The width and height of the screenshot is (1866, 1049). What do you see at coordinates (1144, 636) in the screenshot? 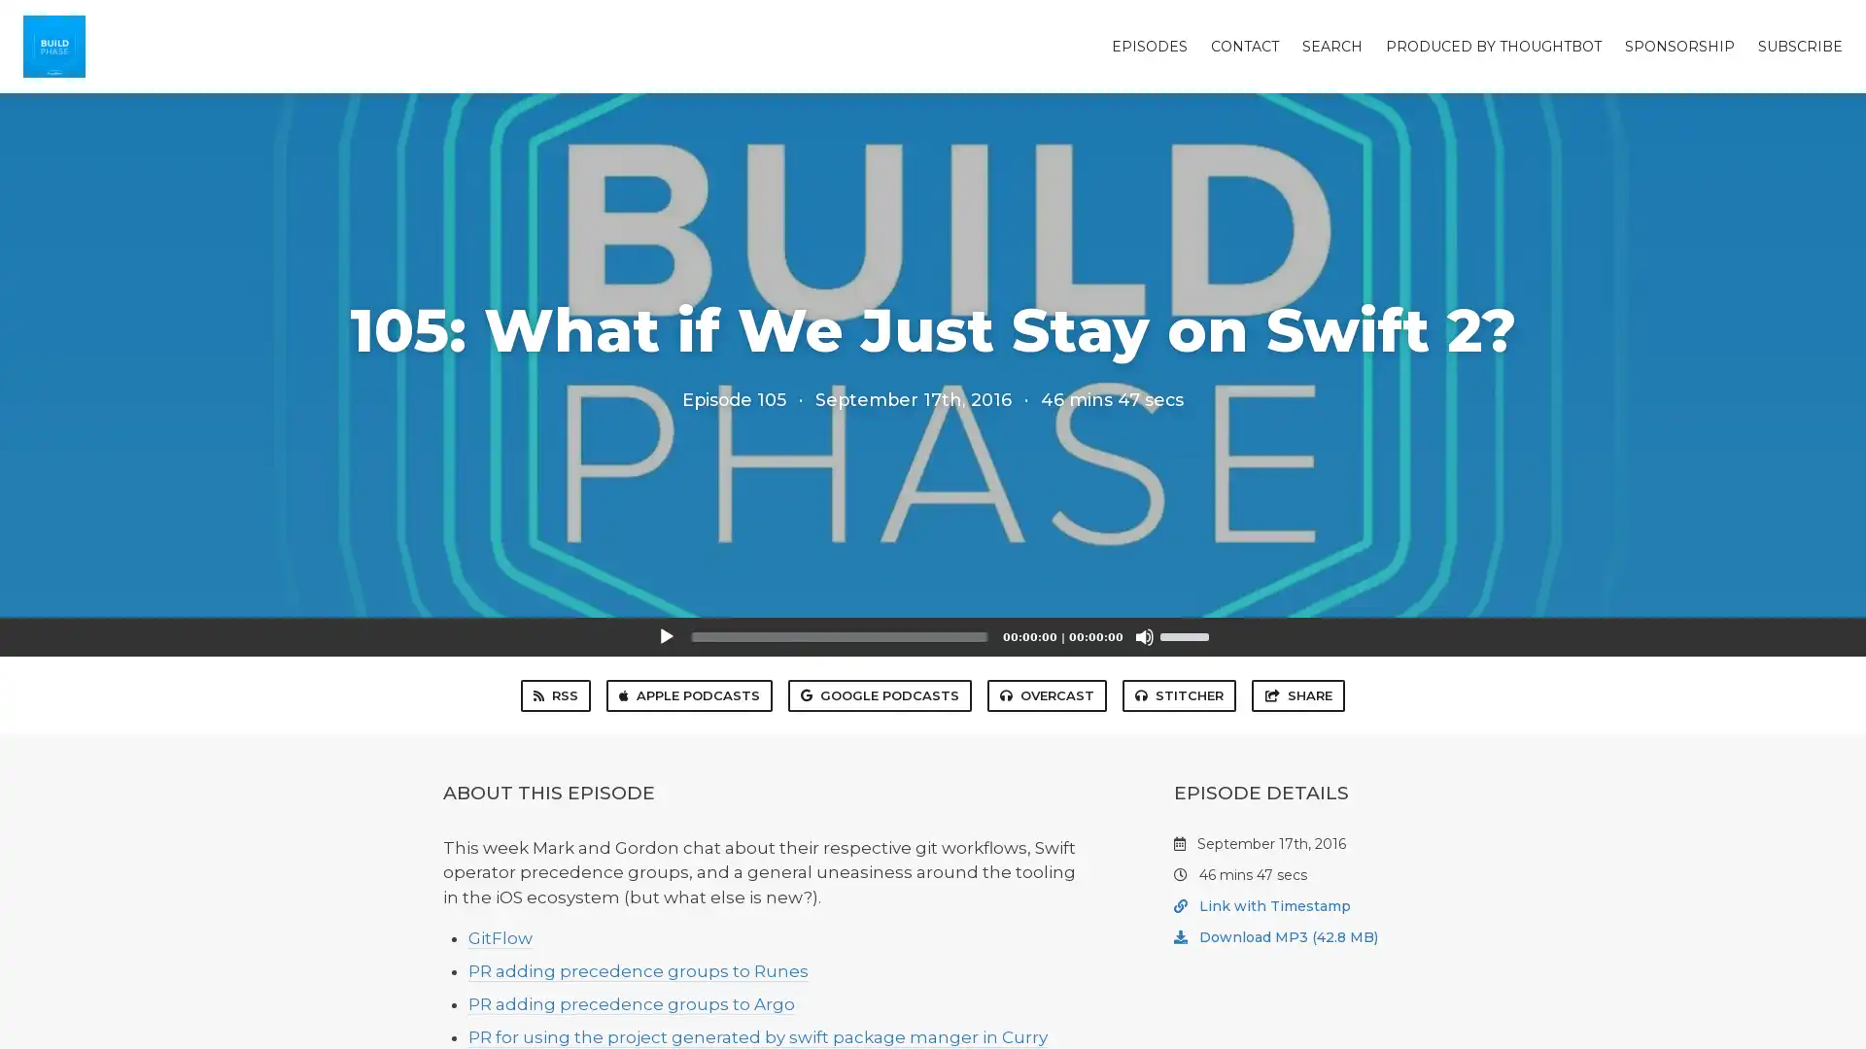
I see `Mute` at bounding box center [1144, 636].